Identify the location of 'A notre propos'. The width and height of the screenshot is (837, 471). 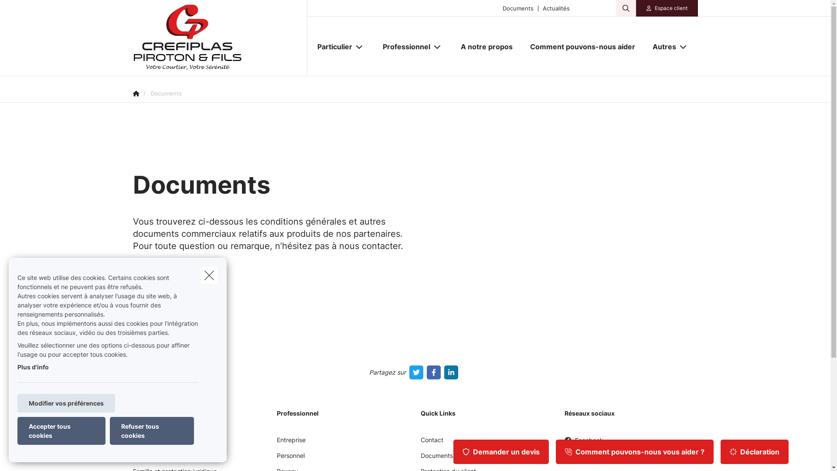
(486, 47).